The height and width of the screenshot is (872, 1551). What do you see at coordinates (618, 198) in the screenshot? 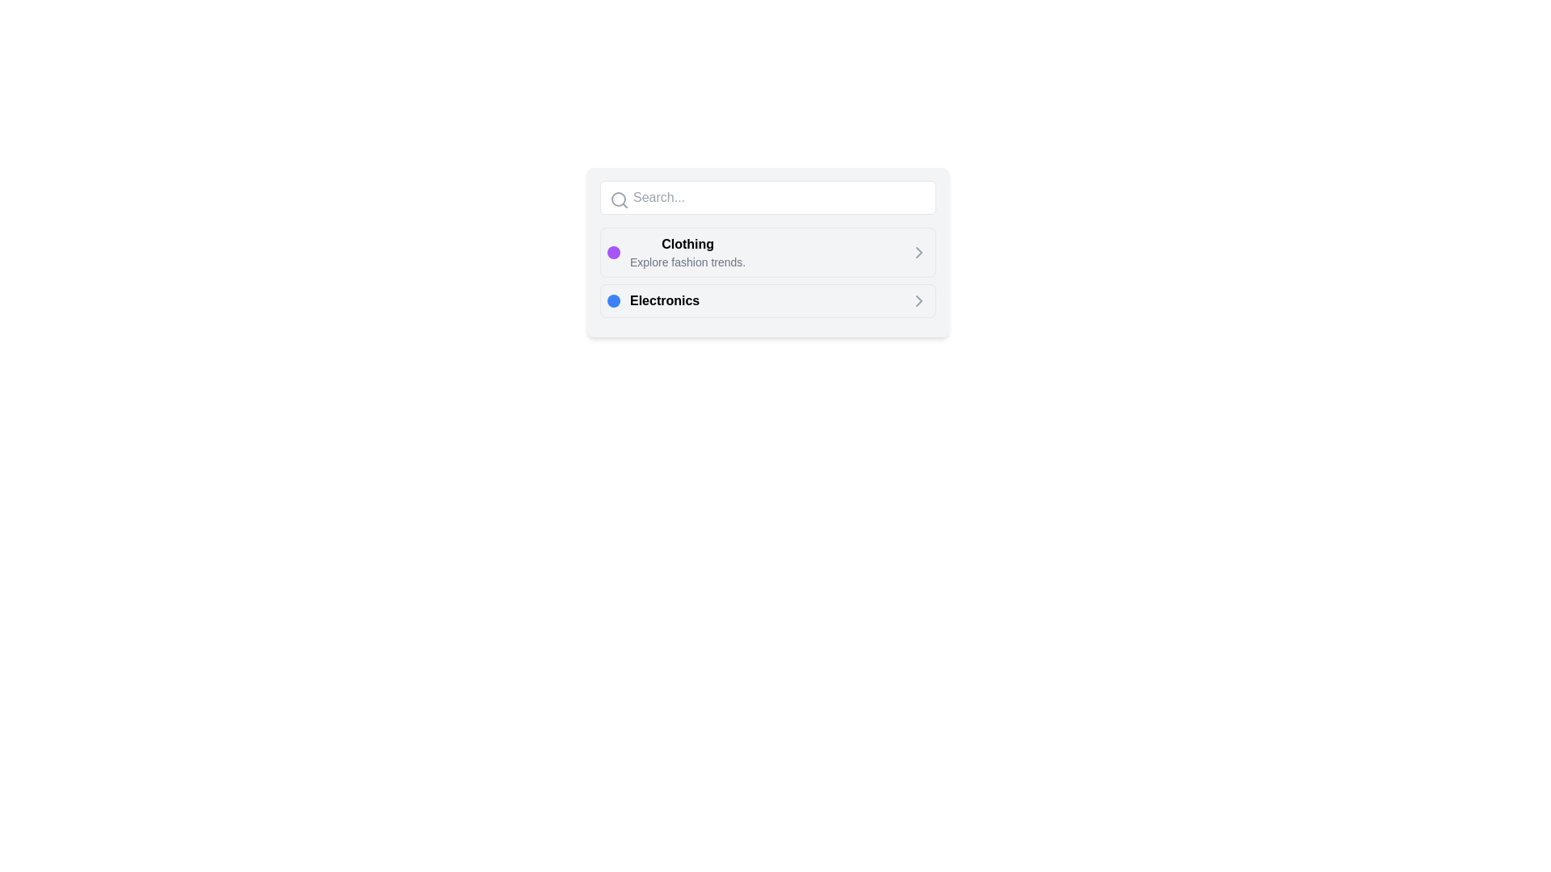
I see `the circular part of the magnifying glass icon located at the top-left corner of the search bar component, which is styled in gray tones` at bounding box center [618, 198].